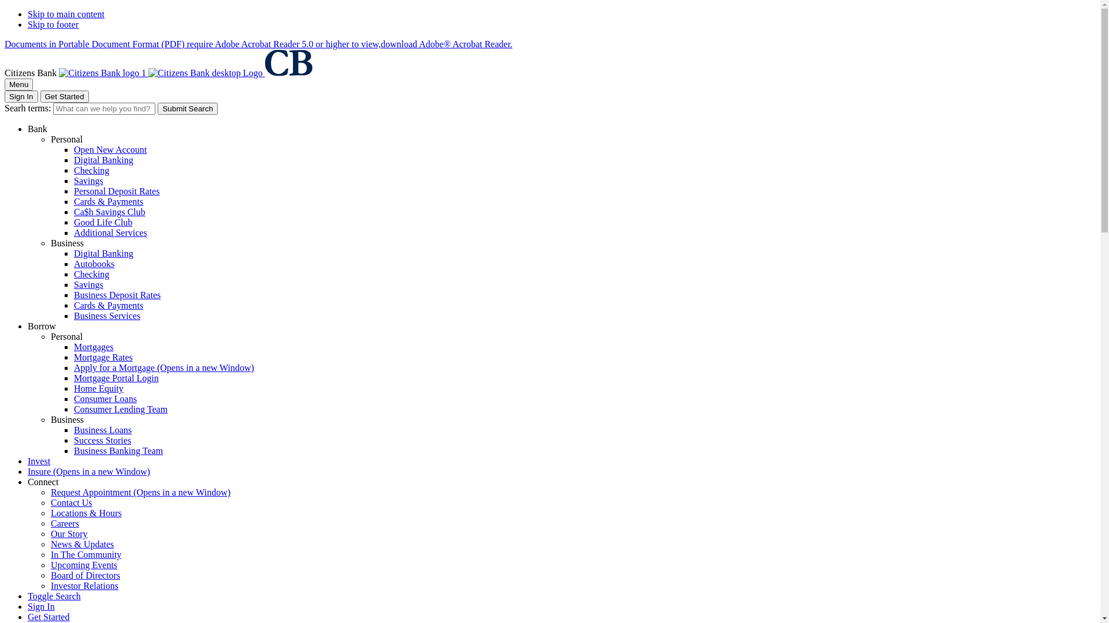  I want to click on 'Business Services', so click(107, 316).